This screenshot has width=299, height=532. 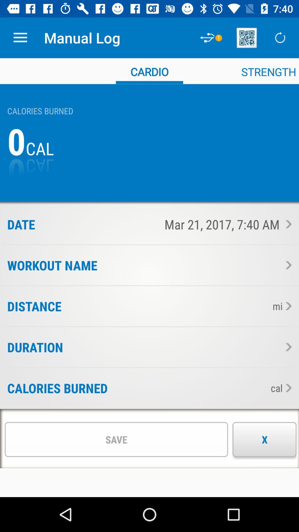 What do you see at coordinates (187, 388) in the screenshot?
I see `item next to the calories burned item` at bounding box center [187, 388].